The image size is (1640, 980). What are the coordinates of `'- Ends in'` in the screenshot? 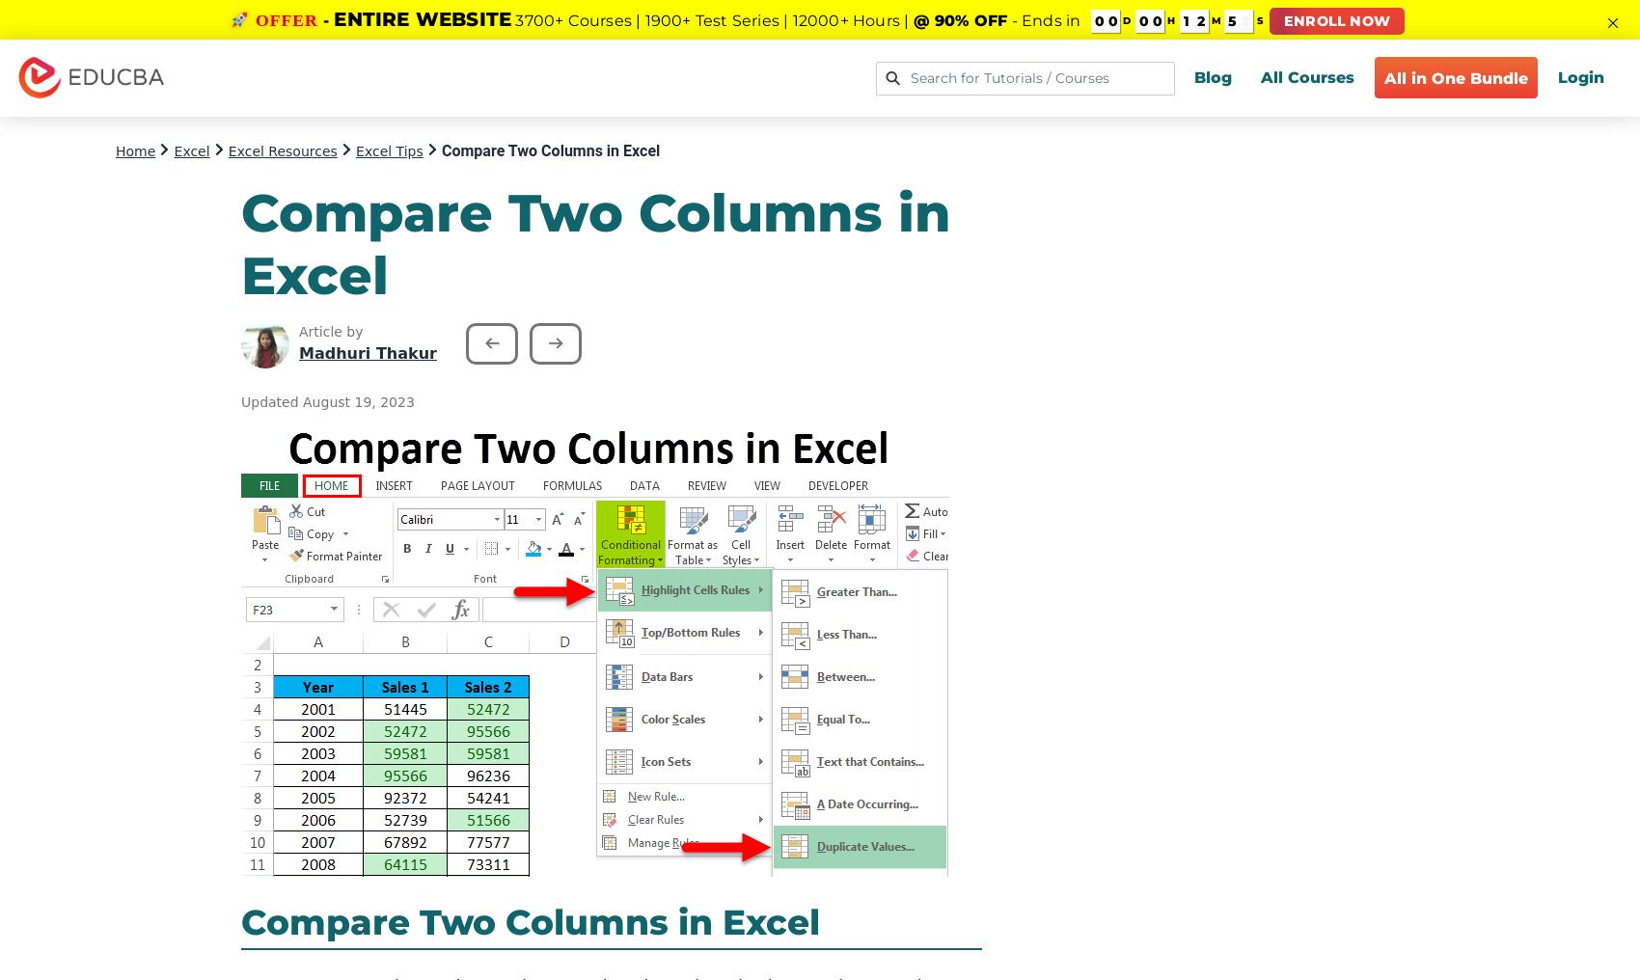 It's located at (1044, 19).